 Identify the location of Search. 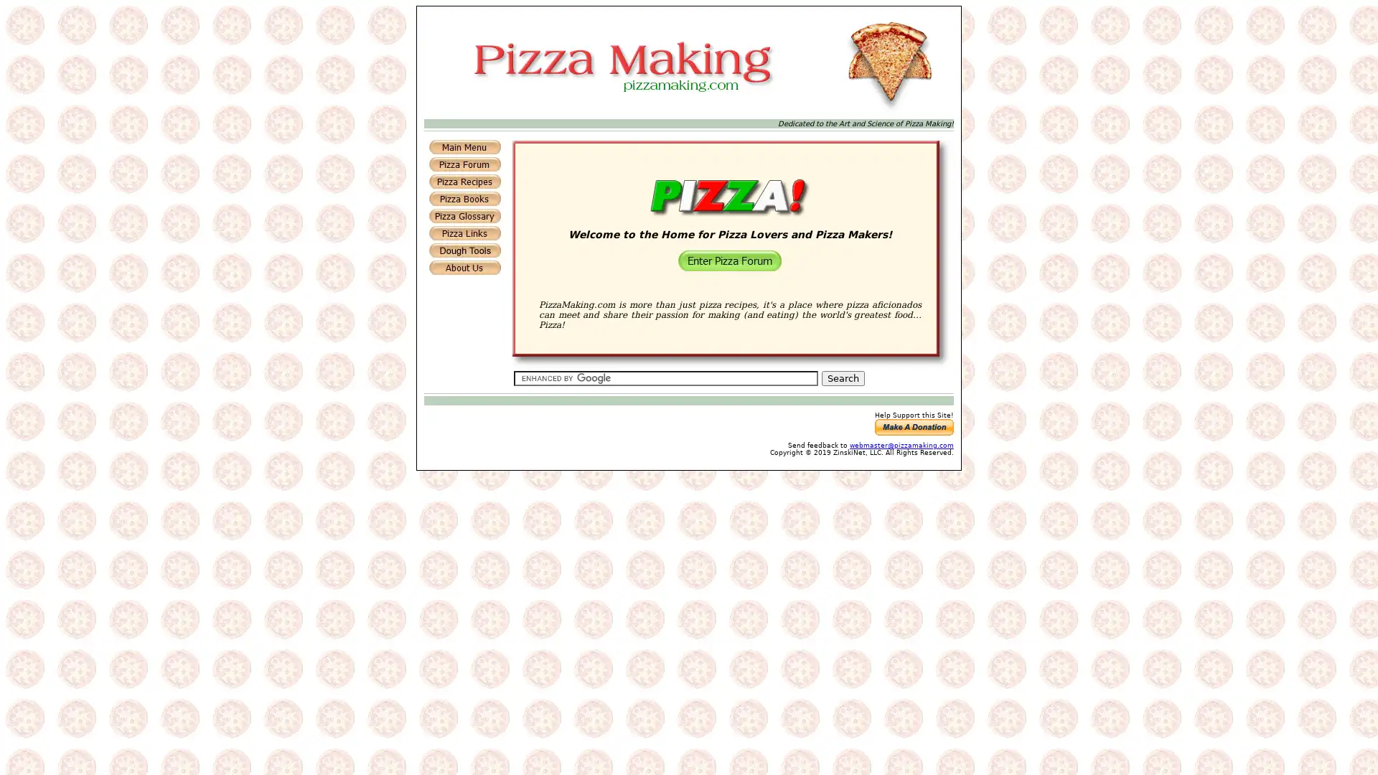
(843, 377).